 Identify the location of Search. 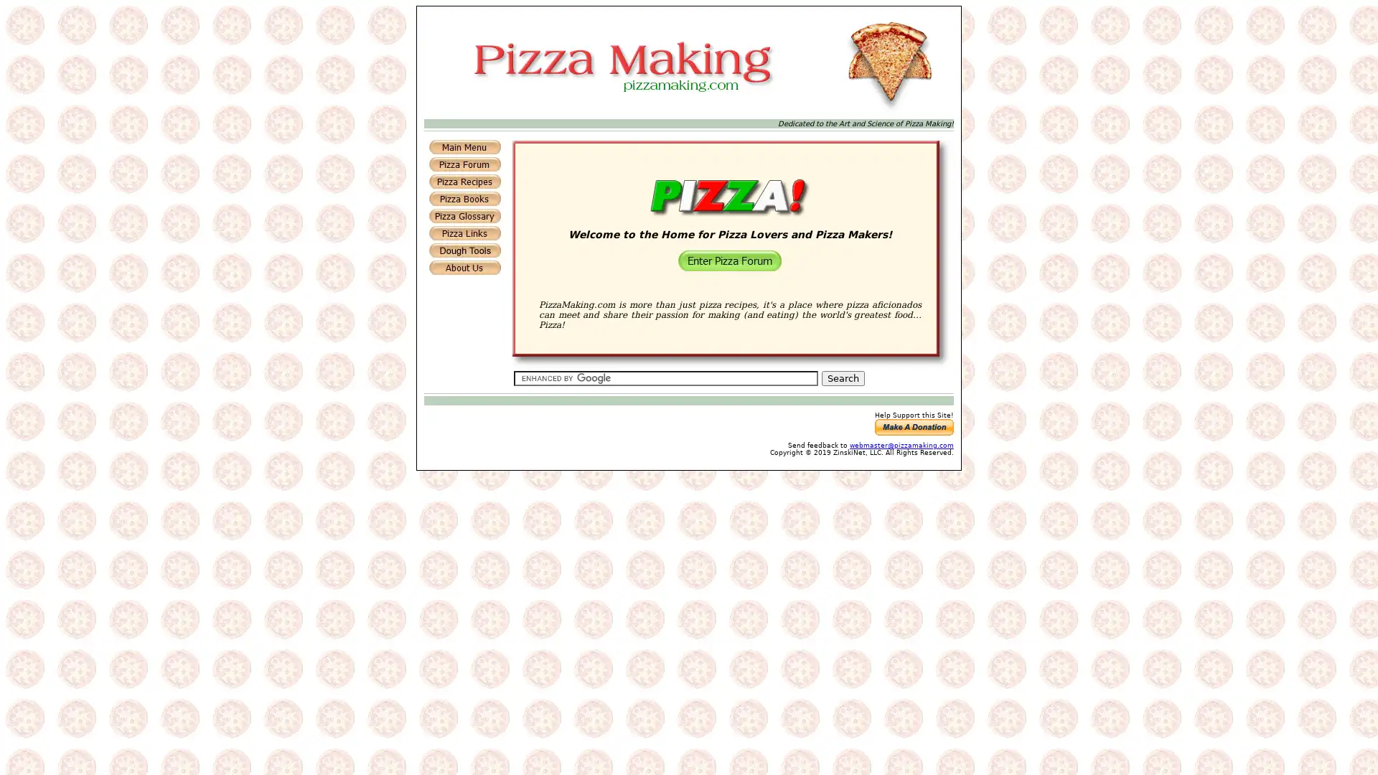
(843, 377).